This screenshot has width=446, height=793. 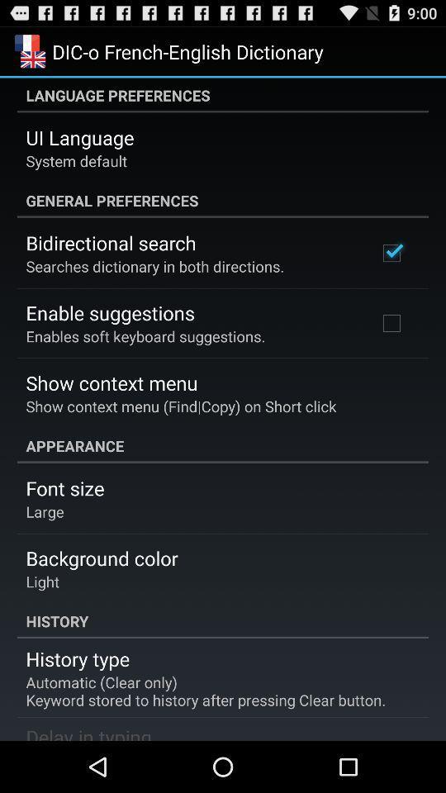 What do you see at coordinates (75, 160) in the screenshot?
I see `the system default icon` at bounding box center [75, 160].